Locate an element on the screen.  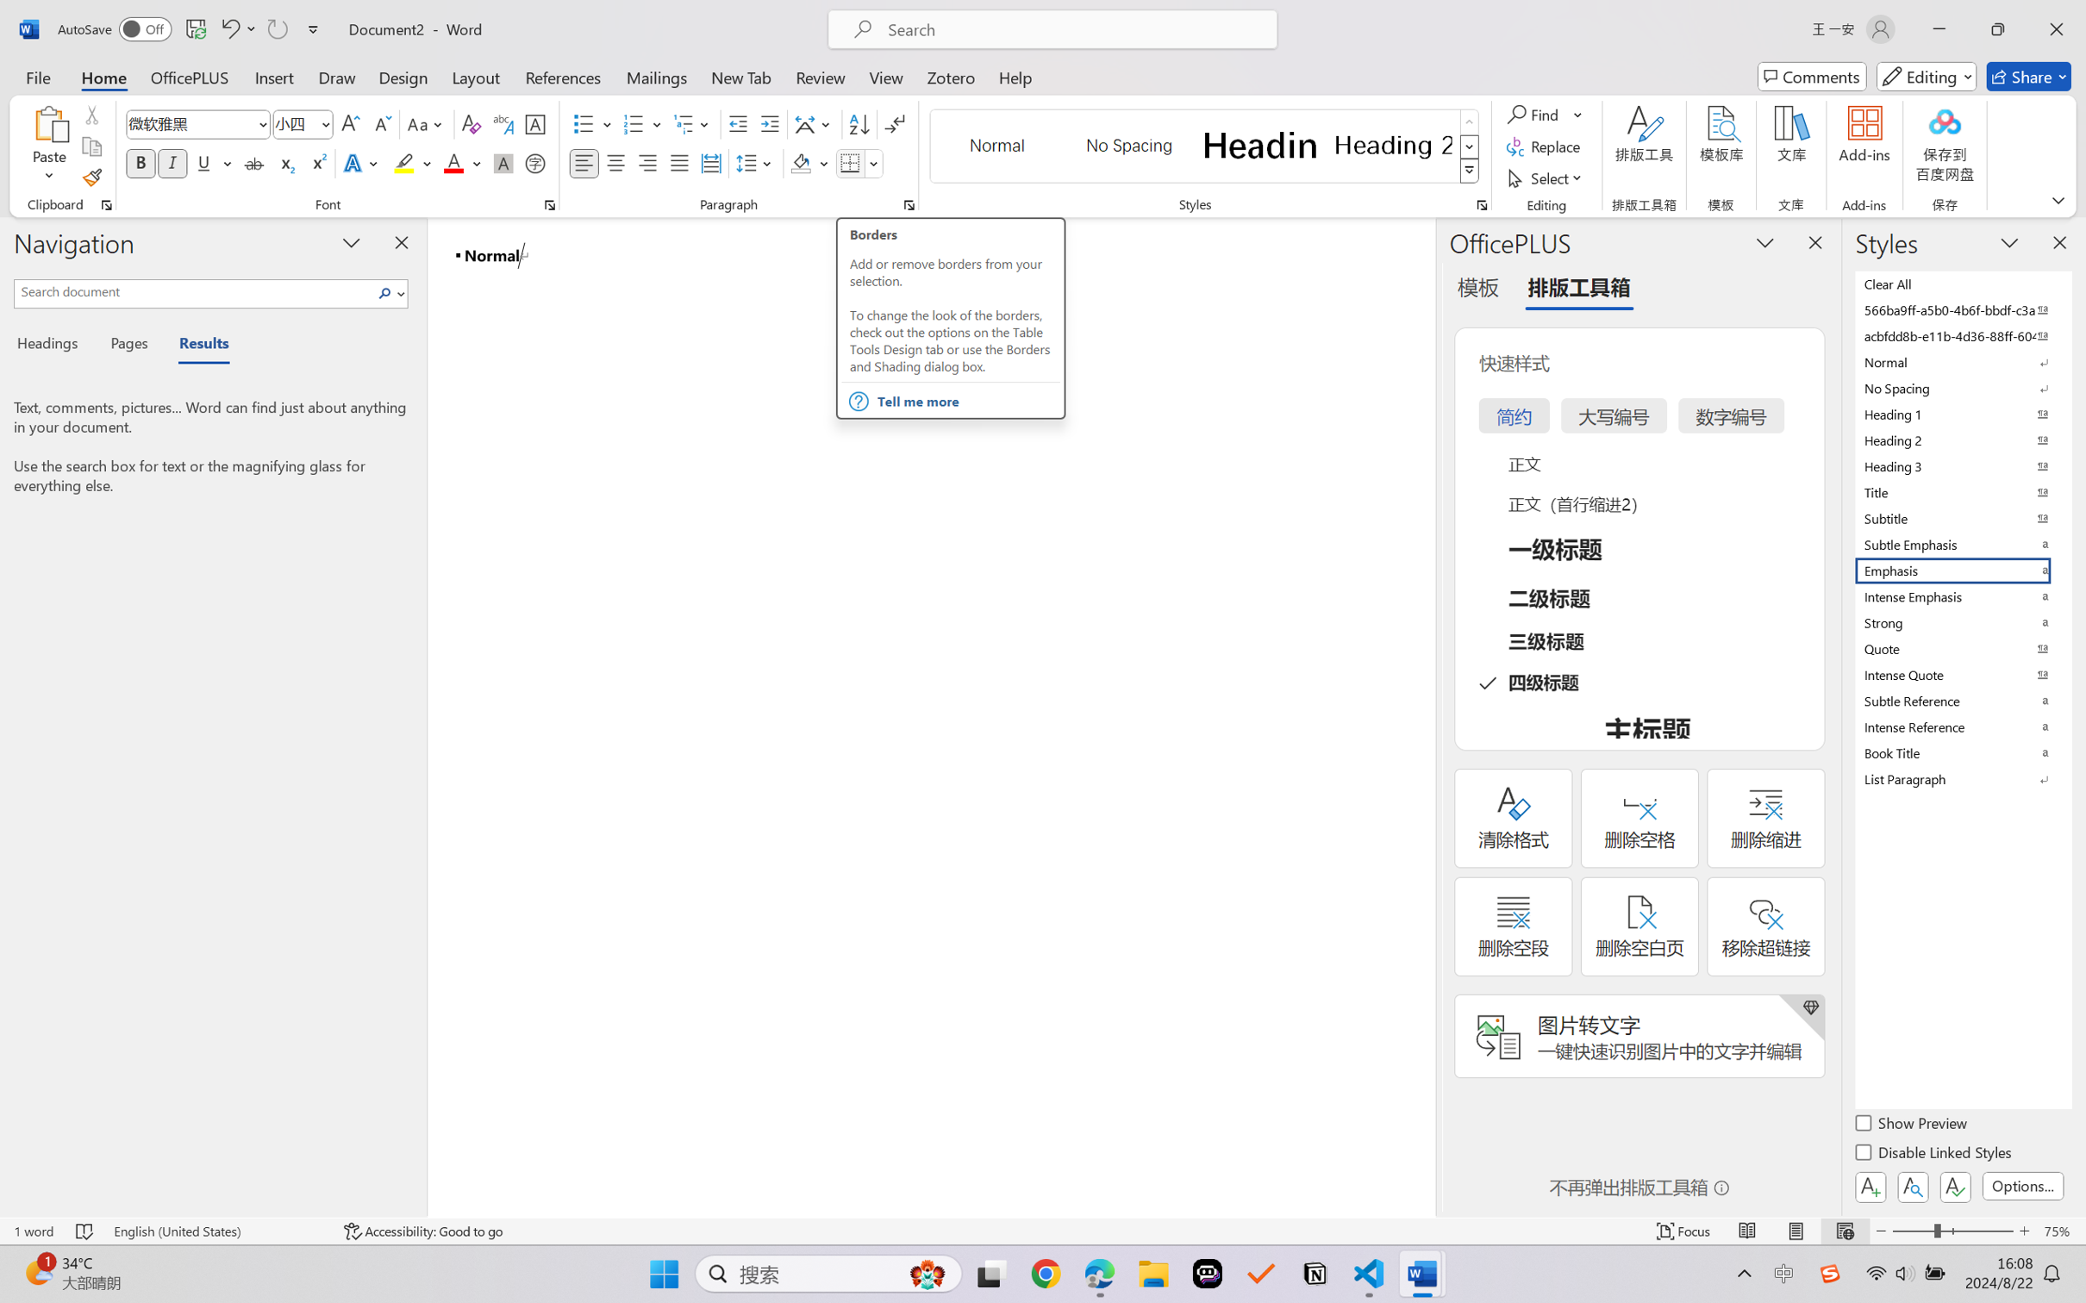
'Read Mode' is located at coordinates (1747, 1231).